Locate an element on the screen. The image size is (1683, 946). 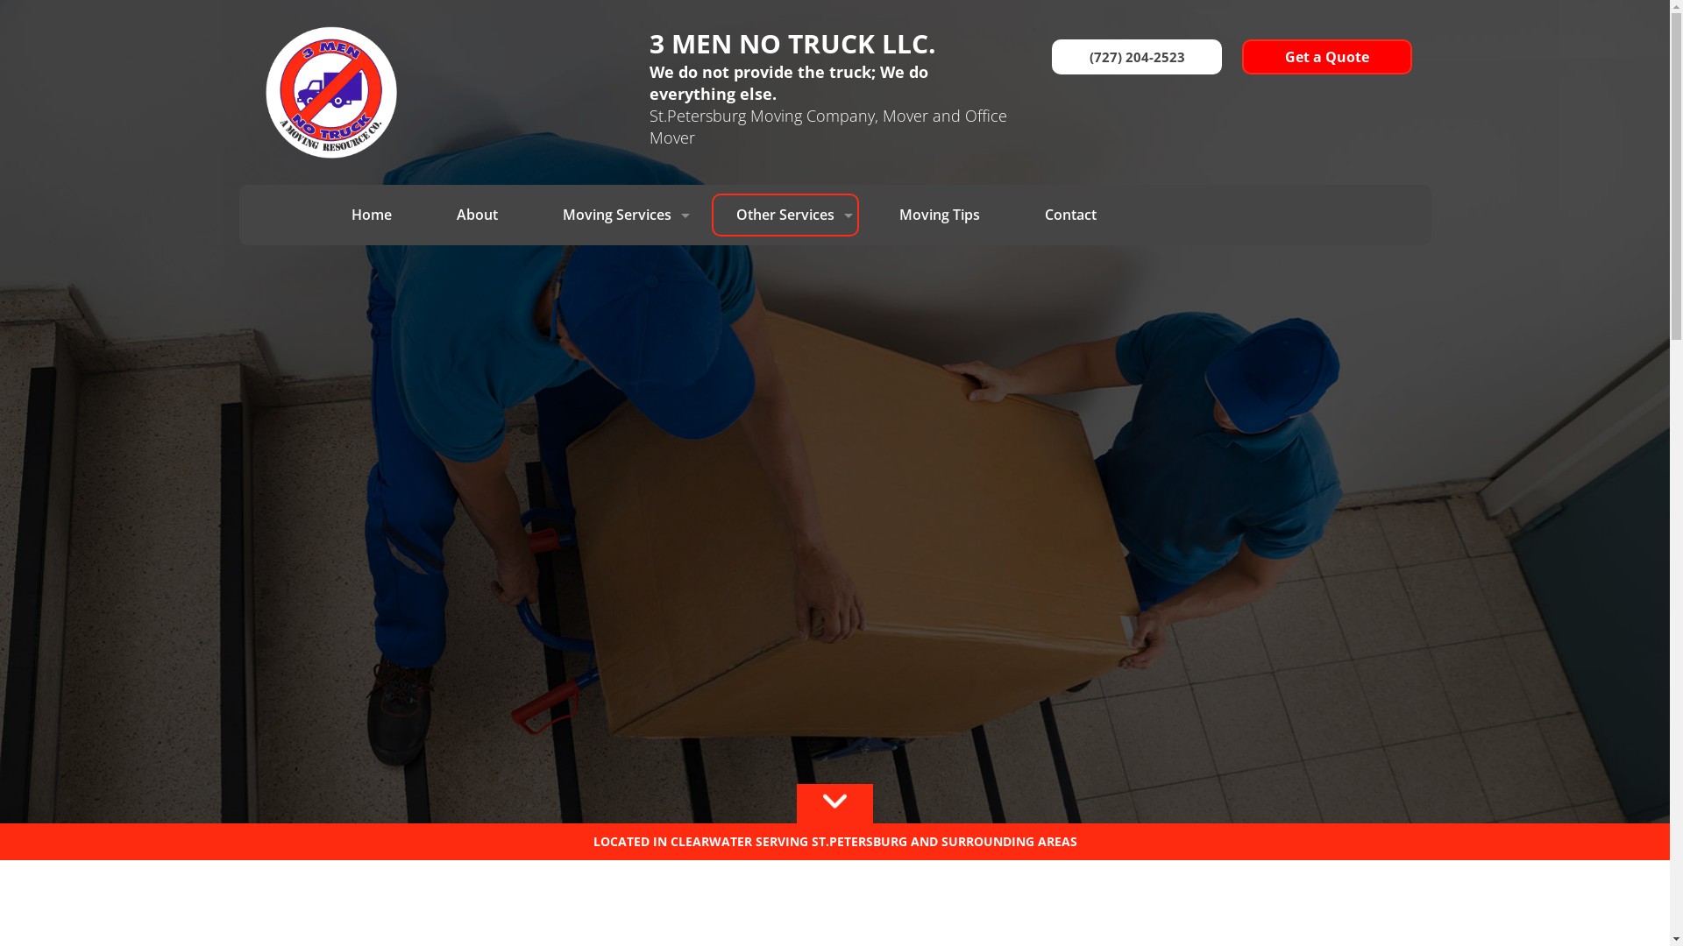
'Specialty Moving' is located at coordinates (711, 300).